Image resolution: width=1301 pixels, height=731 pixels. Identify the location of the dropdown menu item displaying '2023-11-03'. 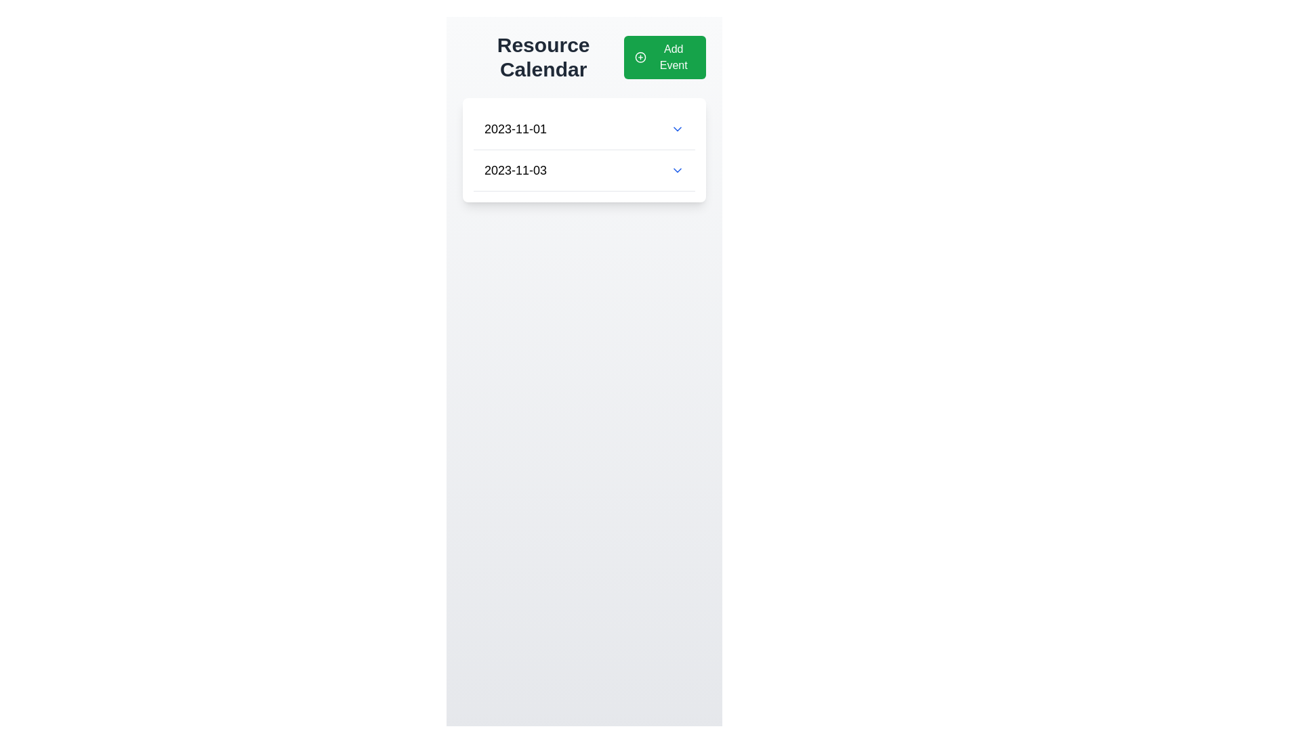
(584, 169).